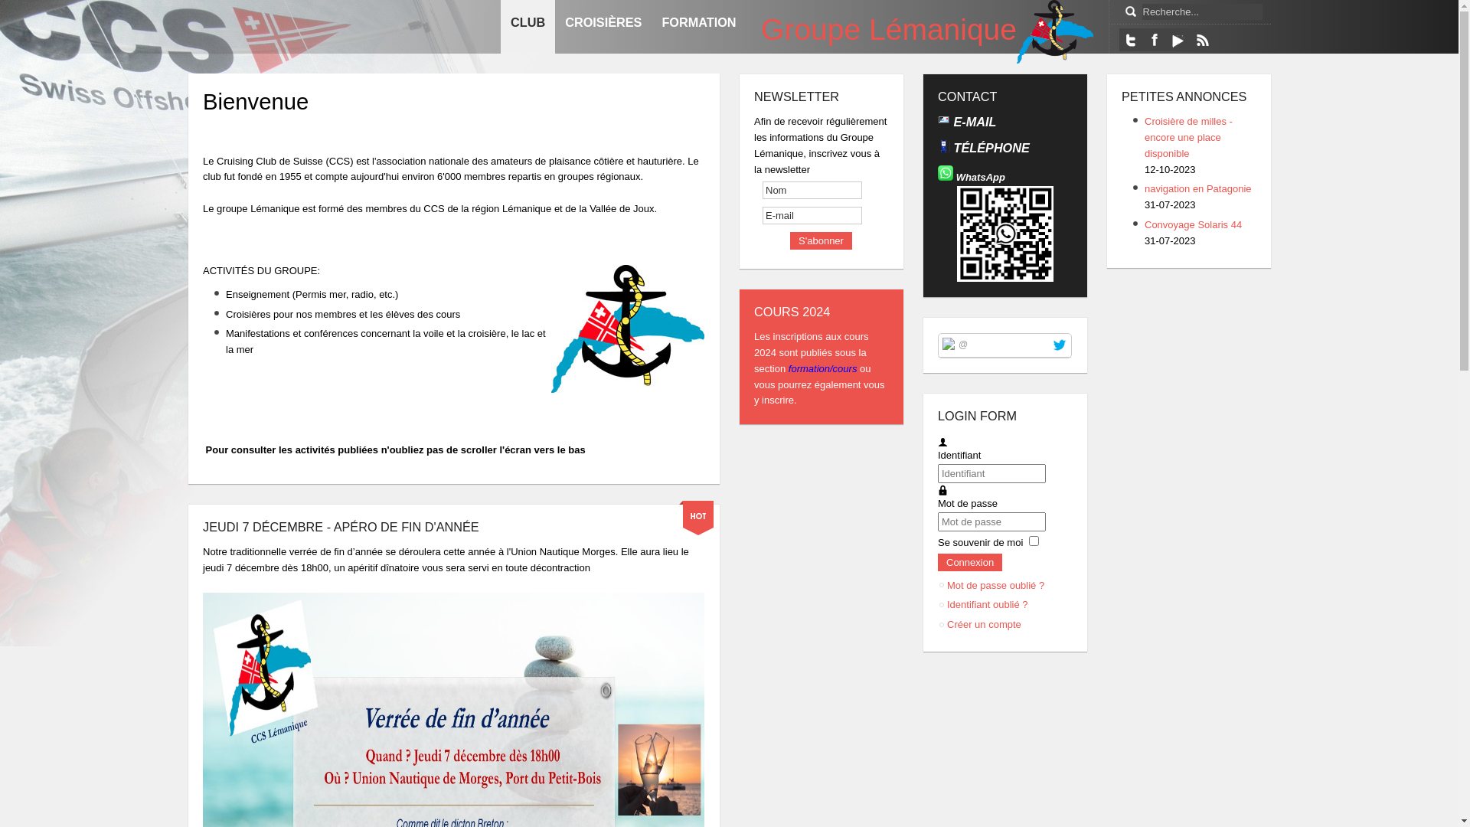 The height and width of the screenshot is (827, 1470). I want to click on 'Facebook', so click(1142, 38).